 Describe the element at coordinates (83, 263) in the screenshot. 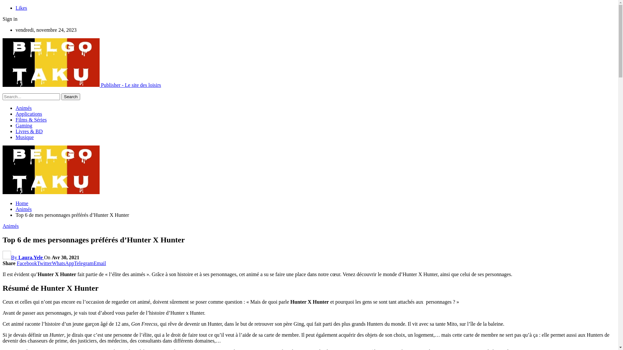

I see `'Telegram'` at that location.